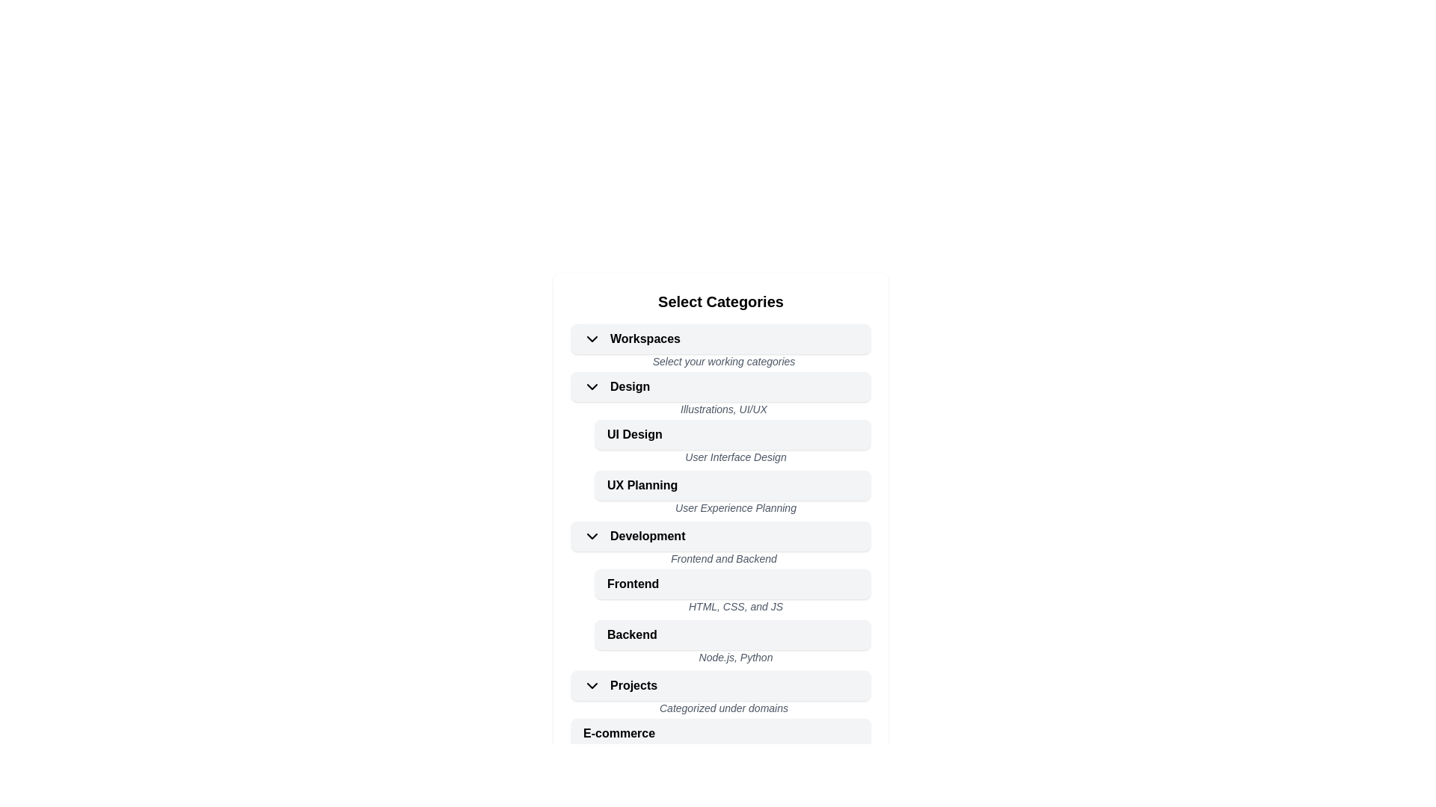  Describe the element at coordinates (633, 584) in the screenshot. I see `the 'Frontend' label in the 'Development' subsection of the selection menu, located in the middle-left column above the 'Backend' category` at that location.